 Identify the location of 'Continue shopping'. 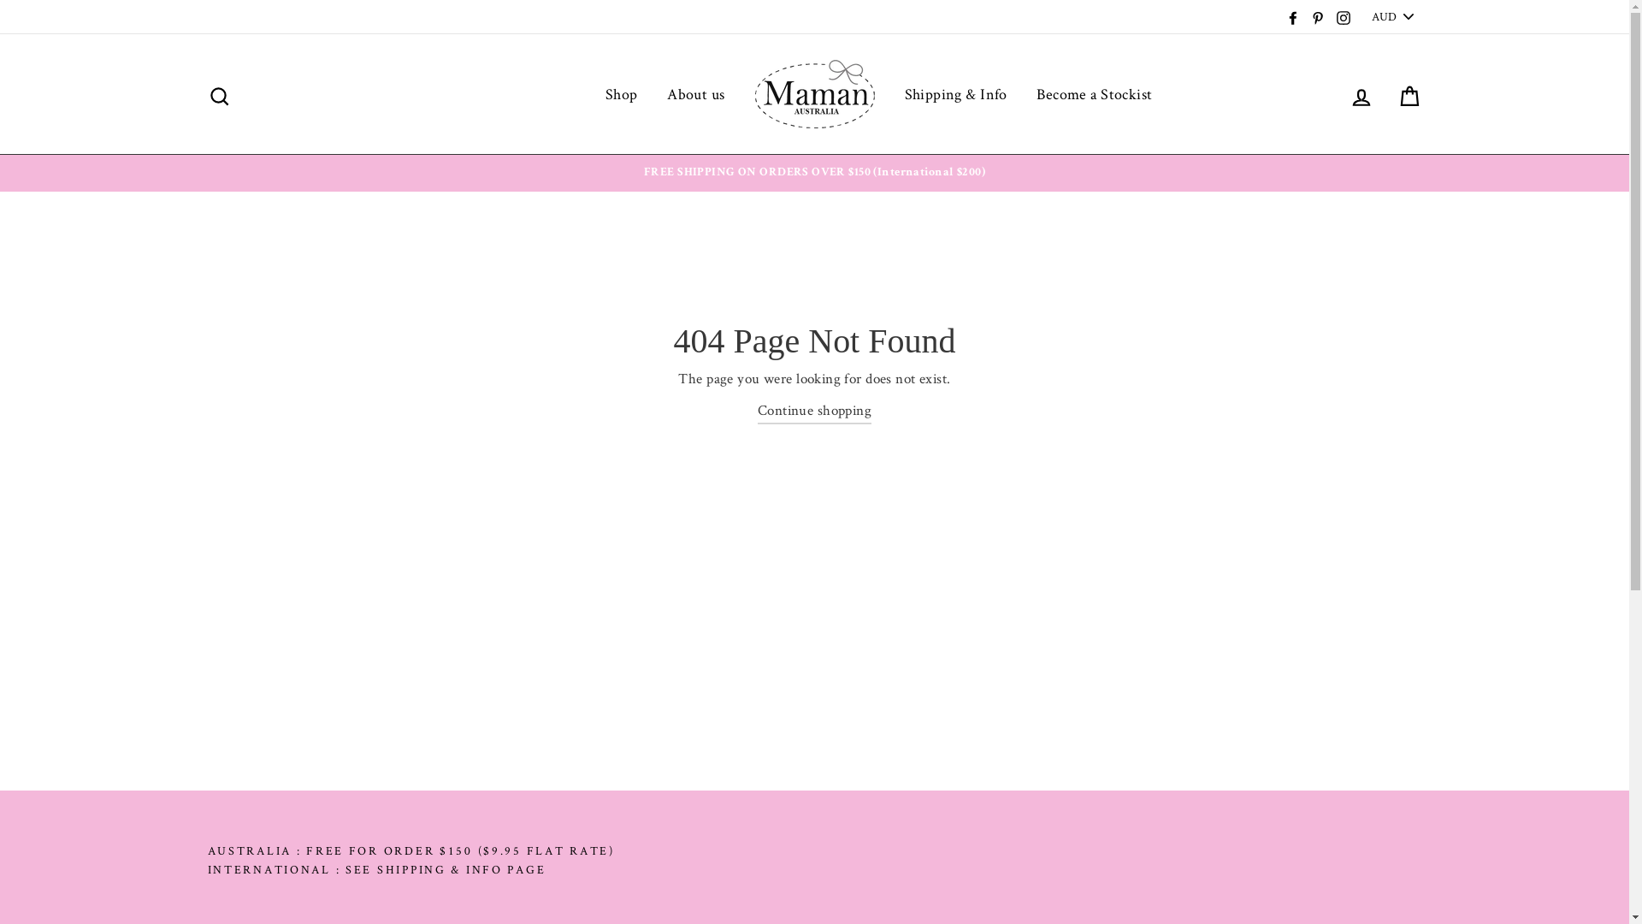
(813, 411).